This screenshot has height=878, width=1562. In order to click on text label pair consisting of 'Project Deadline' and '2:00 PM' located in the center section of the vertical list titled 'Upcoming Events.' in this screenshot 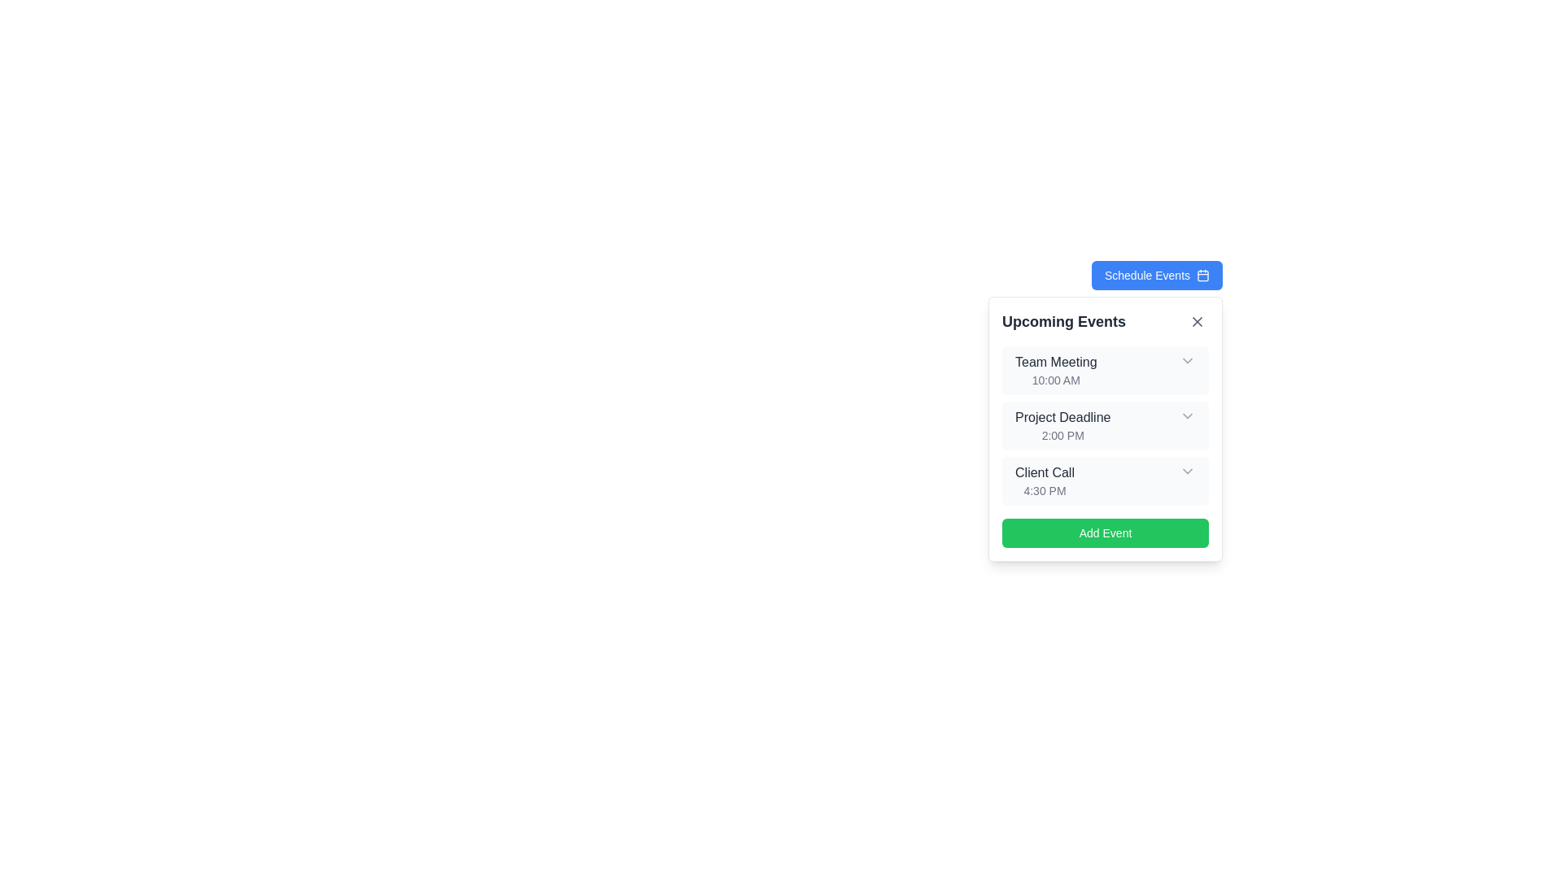, I will do `click(1062, 425)`.